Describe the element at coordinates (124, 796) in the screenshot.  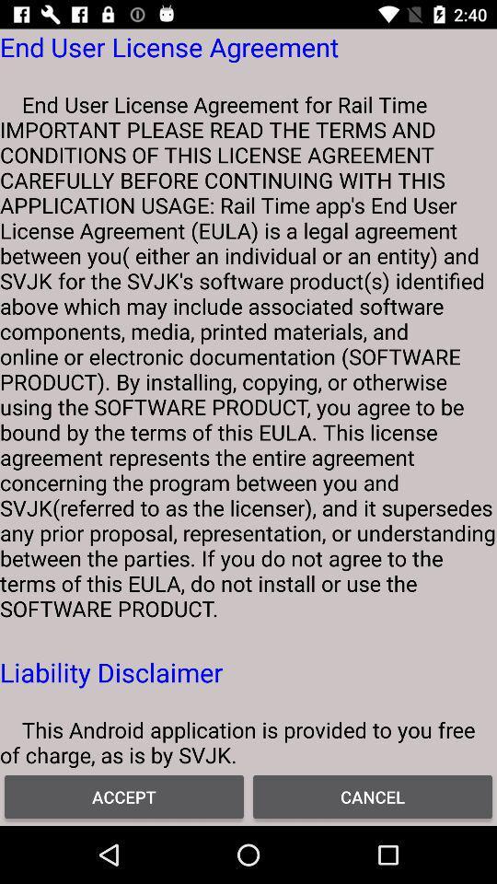
I see `the icon next to the cancel icon` at that location.